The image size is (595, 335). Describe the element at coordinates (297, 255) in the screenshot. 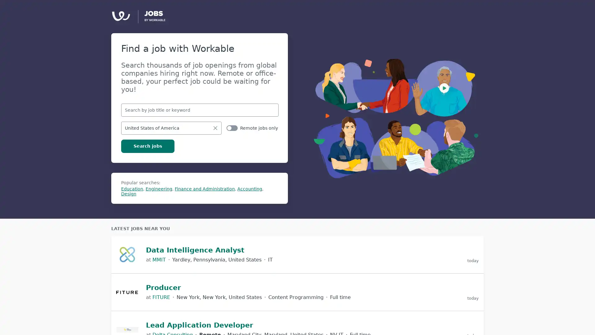

I see `Data Intelligence Analyst at MMIT` at that location.